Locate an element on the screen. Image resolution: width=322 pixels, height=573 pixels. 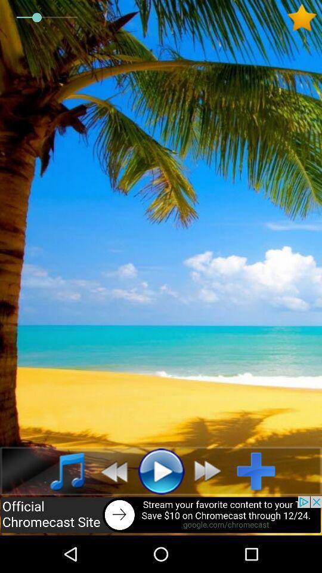
space where you access advertising is located at coordinates (161, 515).